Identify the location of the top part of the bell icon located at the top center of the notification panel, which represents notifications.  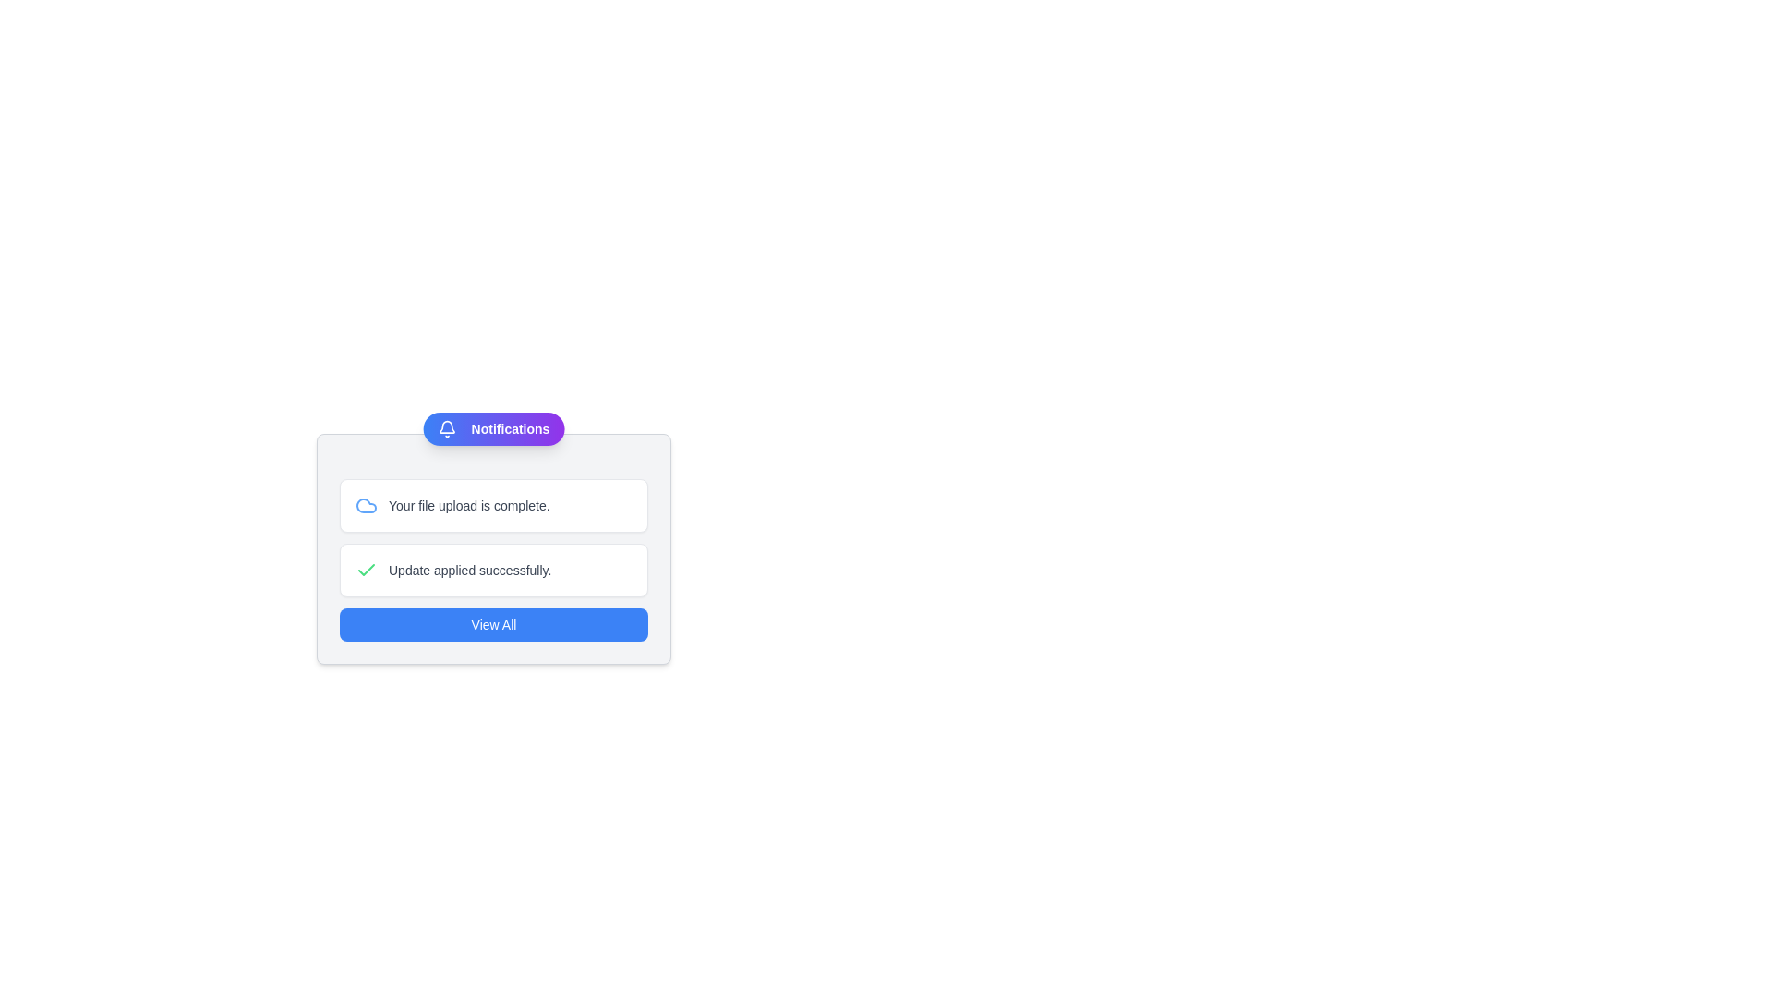
(447, 426).